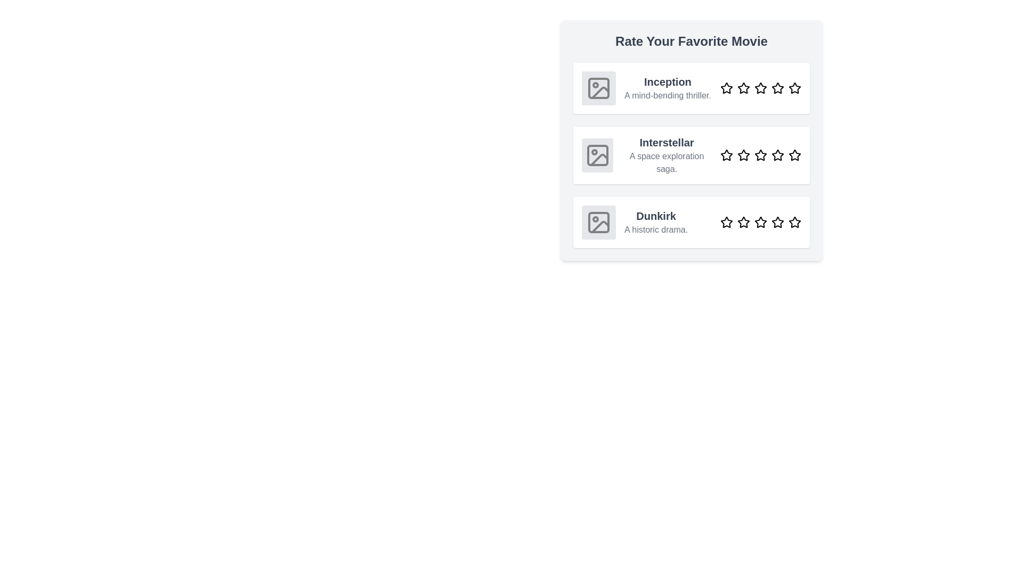  What do you see at coordinates (597, 155) in the screenshot?
I see `the visual button that serves as a placeholder for the item it represents, which is located within the second image button in the list on the page` at bounding box center [597, 155].